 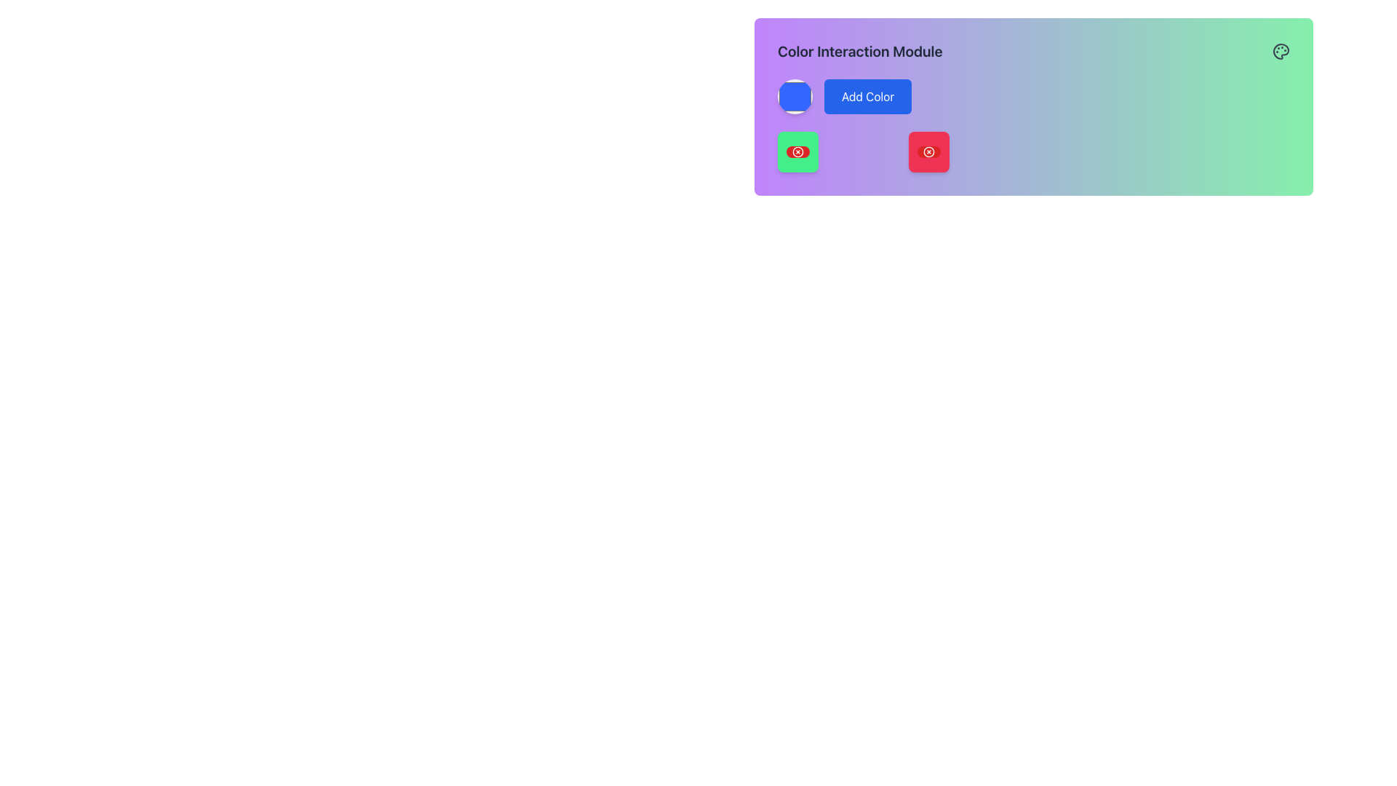 I want to click on the small circular icon with a red background and white 'X' symbol, so click(x=797, y=151).